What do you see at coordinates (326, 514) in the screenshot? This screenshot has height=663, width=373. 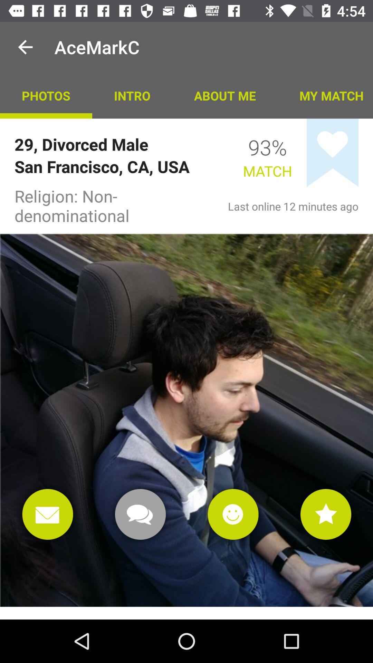 I see `the item below last online 12` at bounding box center [326, 514].